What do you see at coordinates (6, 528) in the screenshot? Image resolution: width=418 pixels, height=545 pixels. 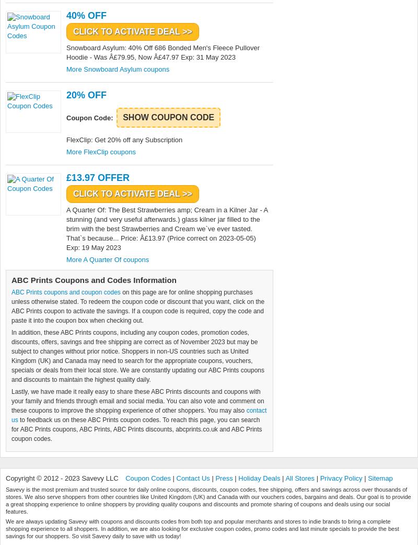 I see `'We are always updating Savevy with coupons and discounts codes from both top and popular merchants and stores to indie brands to bring a complete shopping experience to all shoppers. In addition, we are also looking for exclusive coupon codes, promo codes and last minute specials to provide the best savings for our shoppers. So visit Savevy daily to save with us today!'` at bounding box center [6, 528].